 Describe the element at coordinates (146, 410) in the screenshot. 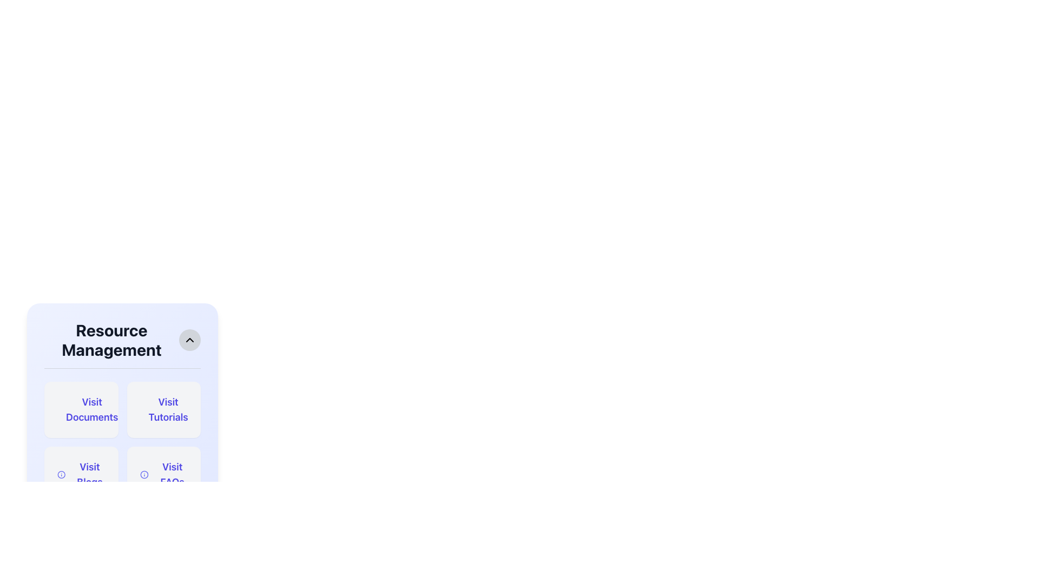

I see `the decorative icon, which is a circular shape located in the second box of the top row in the 2x2 grid layout under the 'Resource Management' section` at that location.